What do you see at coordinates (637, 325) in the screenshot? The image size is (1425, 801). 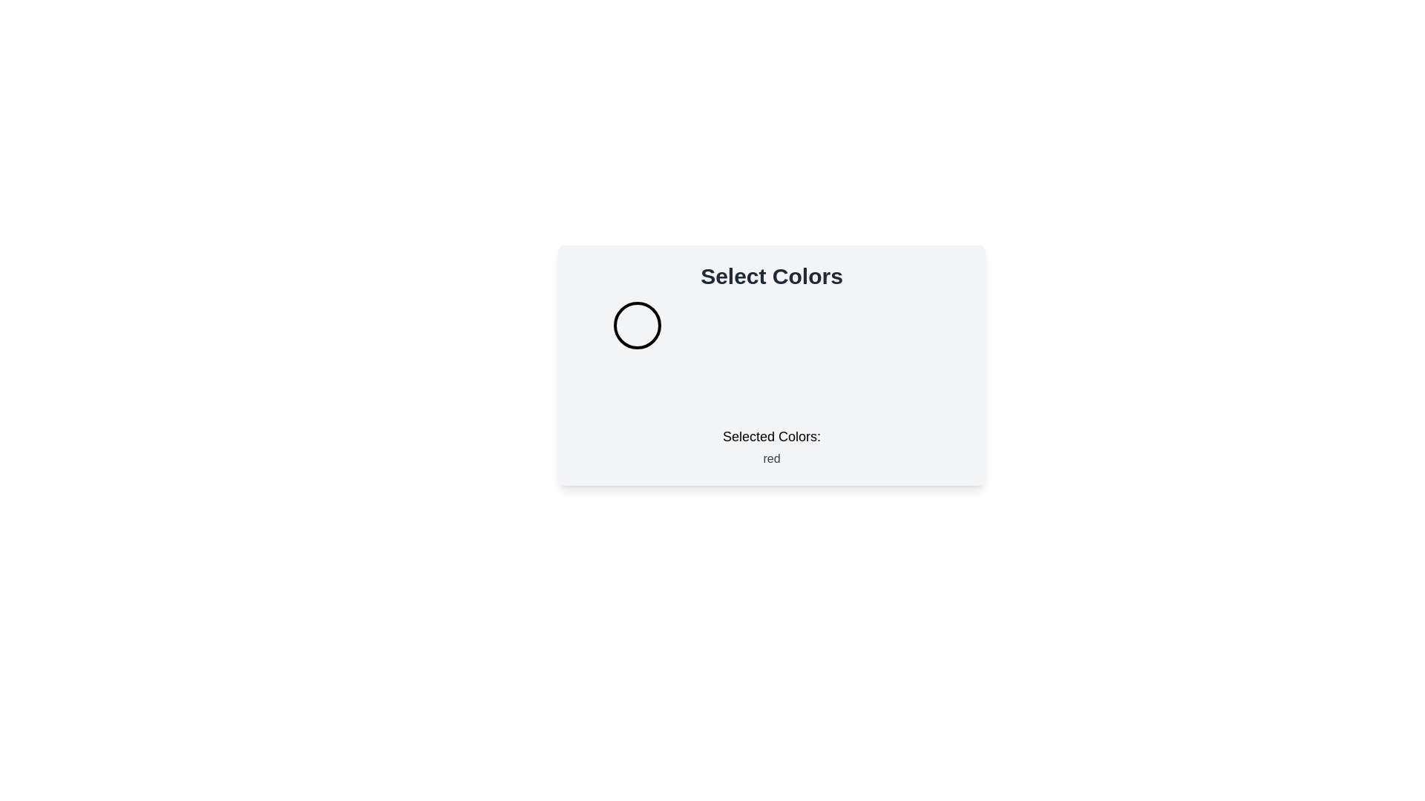 I see `the circular selectable button with a black border and red fill located in the first row and first column of a 3x4 grid` at bounding box center [637, 325].